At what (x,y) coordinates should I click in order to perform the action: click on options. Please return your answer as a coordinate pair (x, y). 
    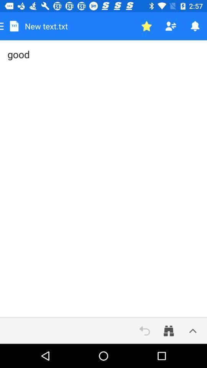
    Looking at the image, I should click on (192, 330).